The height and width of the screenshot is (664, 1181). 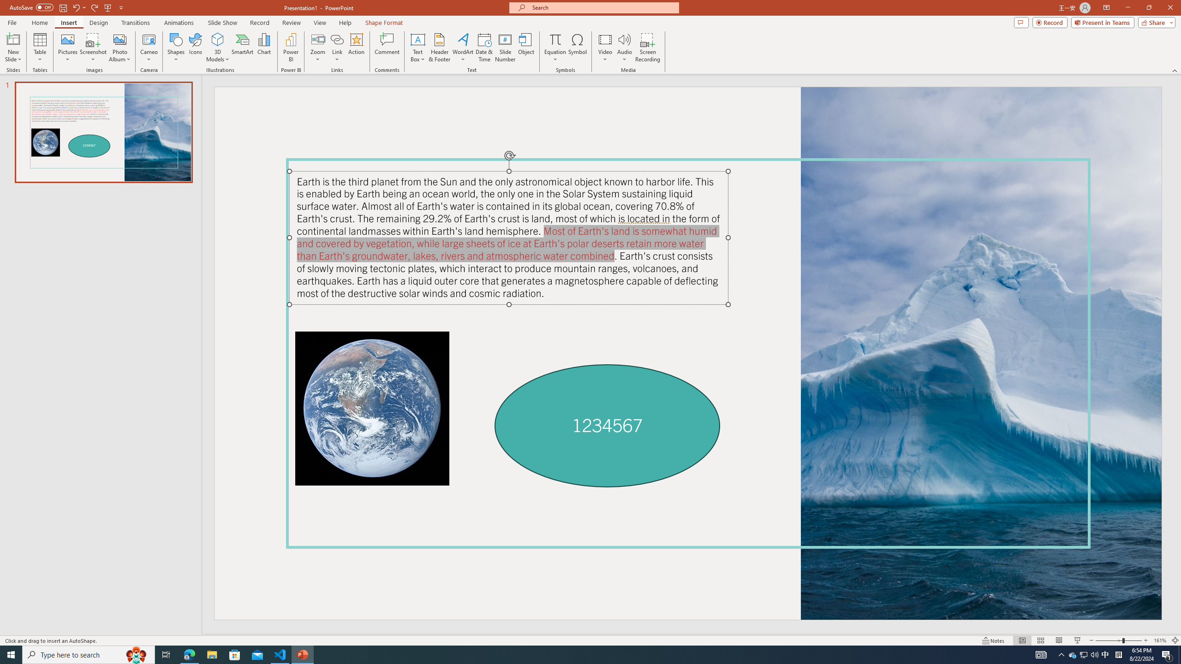 What do you see at coordinates (1160, 640) in the screenshot?
I see `'Zoom 161%'` at bounding box center [1160, 640].